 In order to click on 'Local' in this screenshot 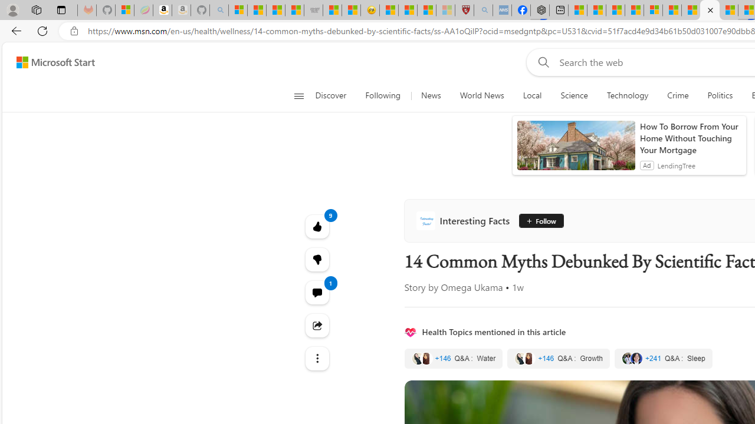, I will do `click(531, 95)`.